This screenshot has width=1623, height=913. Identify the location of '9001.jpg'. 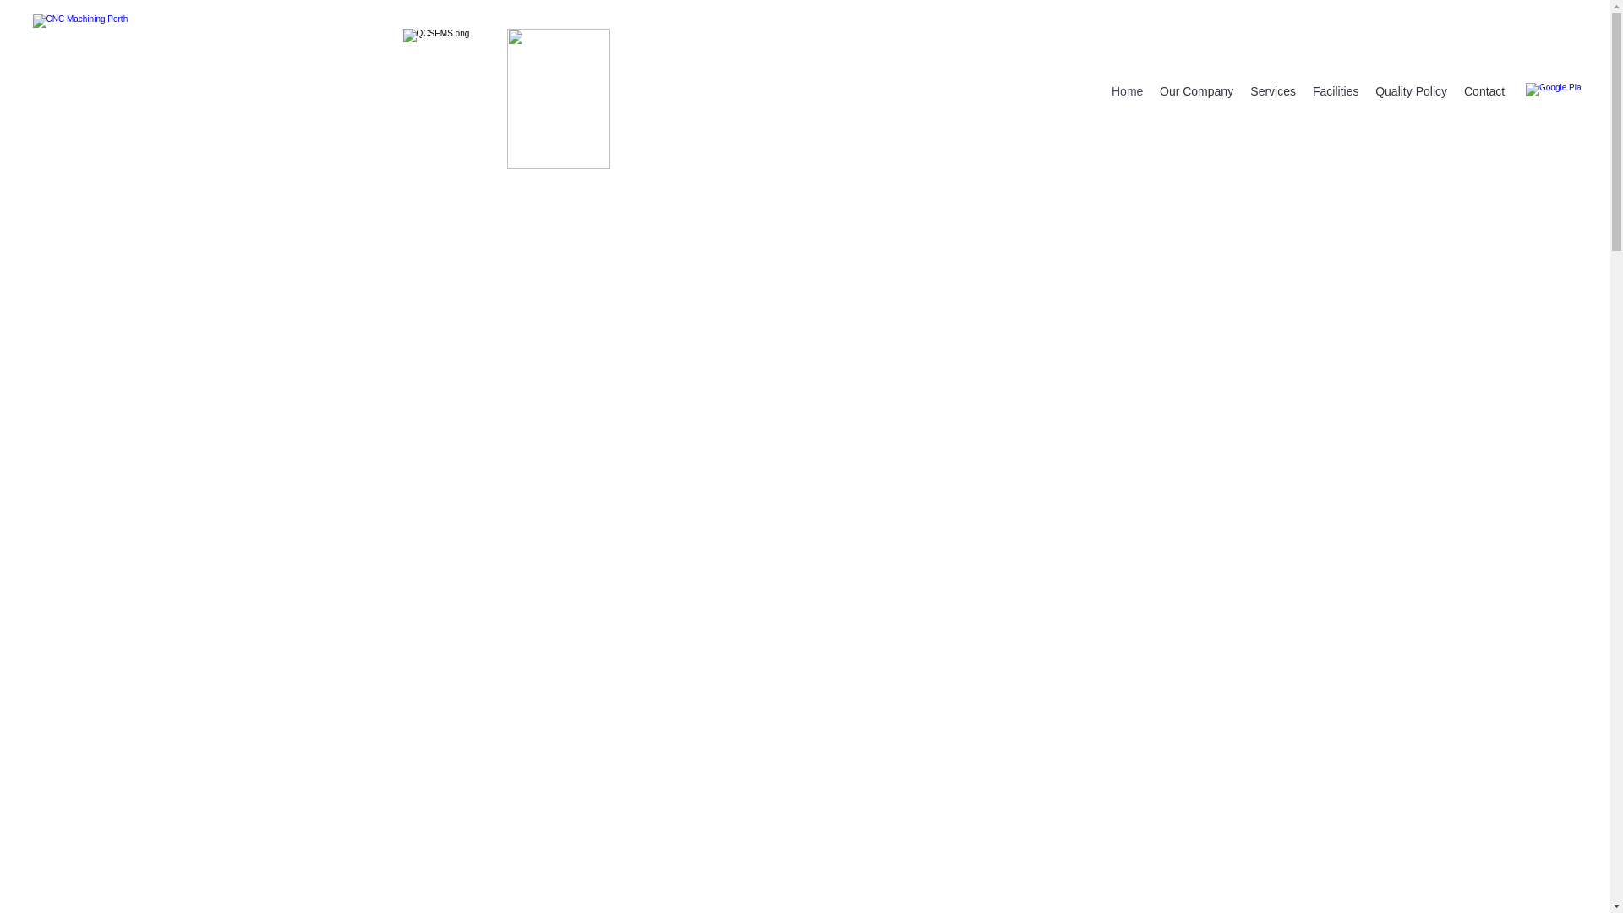
(559, 98).